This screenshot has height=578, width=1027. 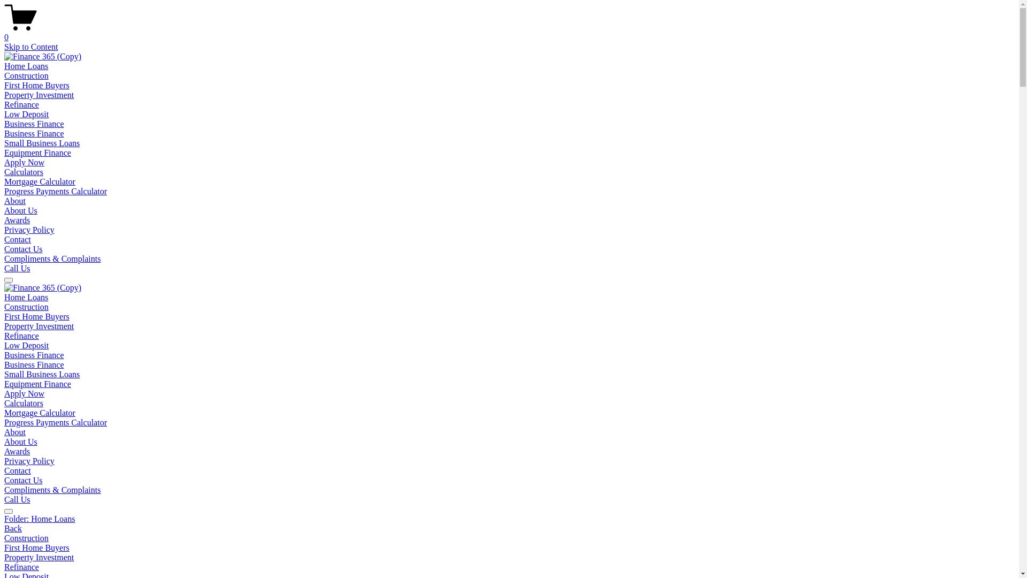 What do you see at coordinates (18, 470) in the screenshot?
I see `'Contact'` at bounding box center [18, 470].